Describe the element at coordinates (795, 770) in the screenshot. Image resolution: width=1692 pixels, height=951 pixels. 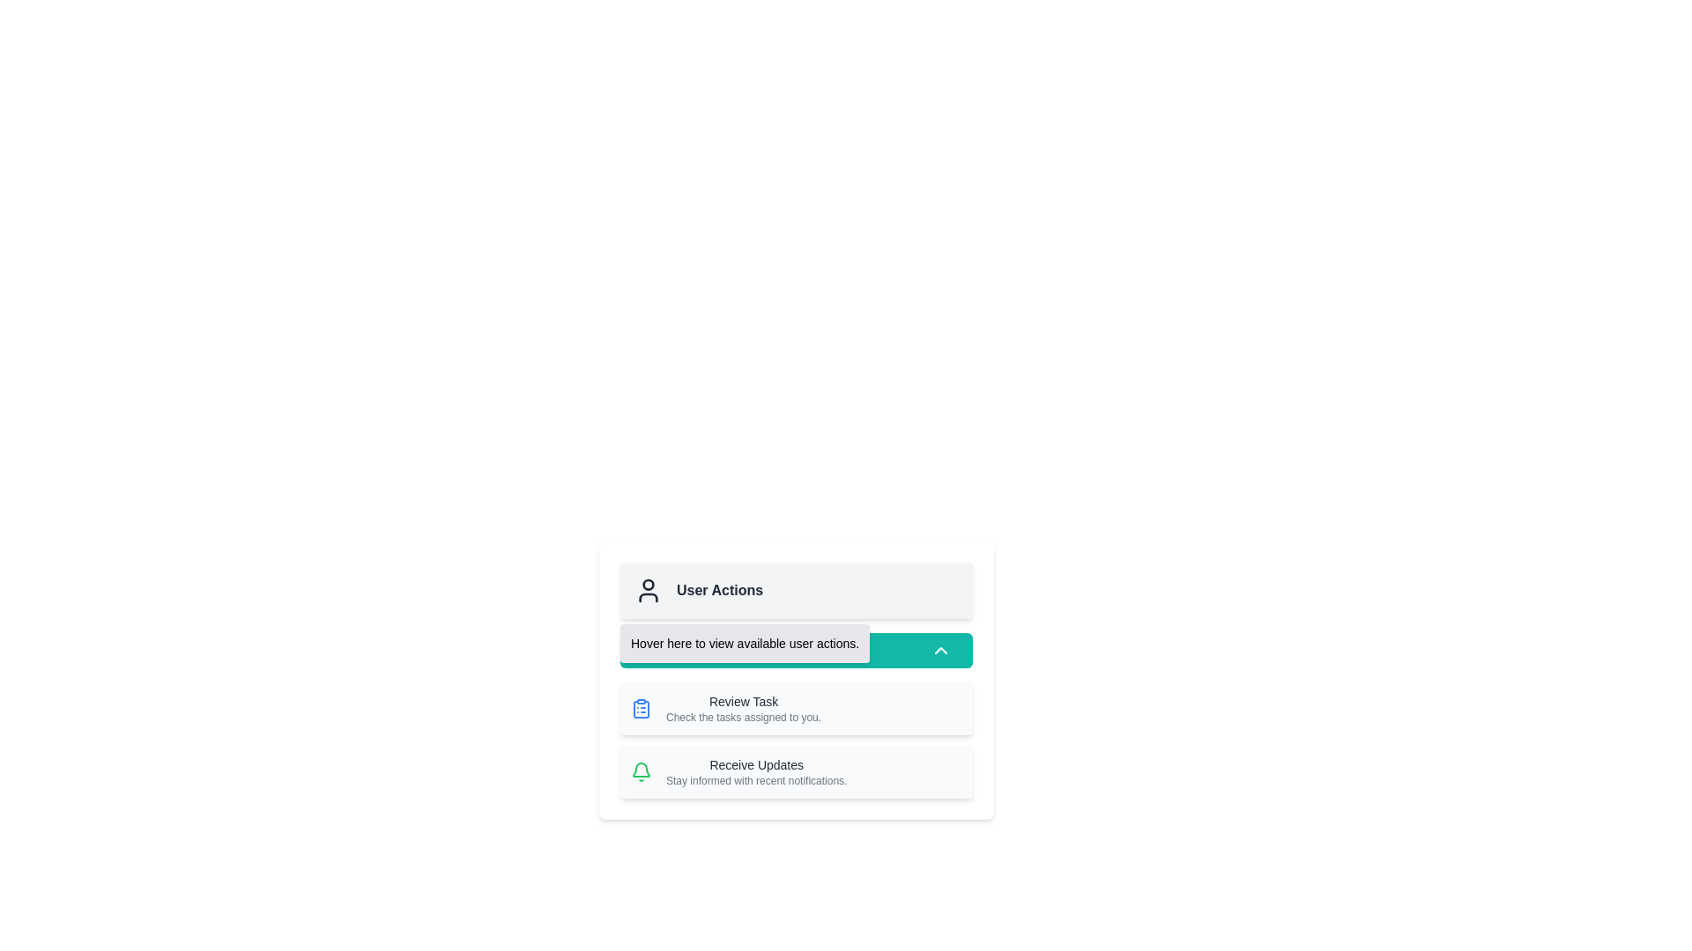
I see `the Information Block which has a light gray background, rounded corners, a green bell icon on the left, and the title 'Receive Updates' in black bold font, located below the 'Review Task' section` at that location.